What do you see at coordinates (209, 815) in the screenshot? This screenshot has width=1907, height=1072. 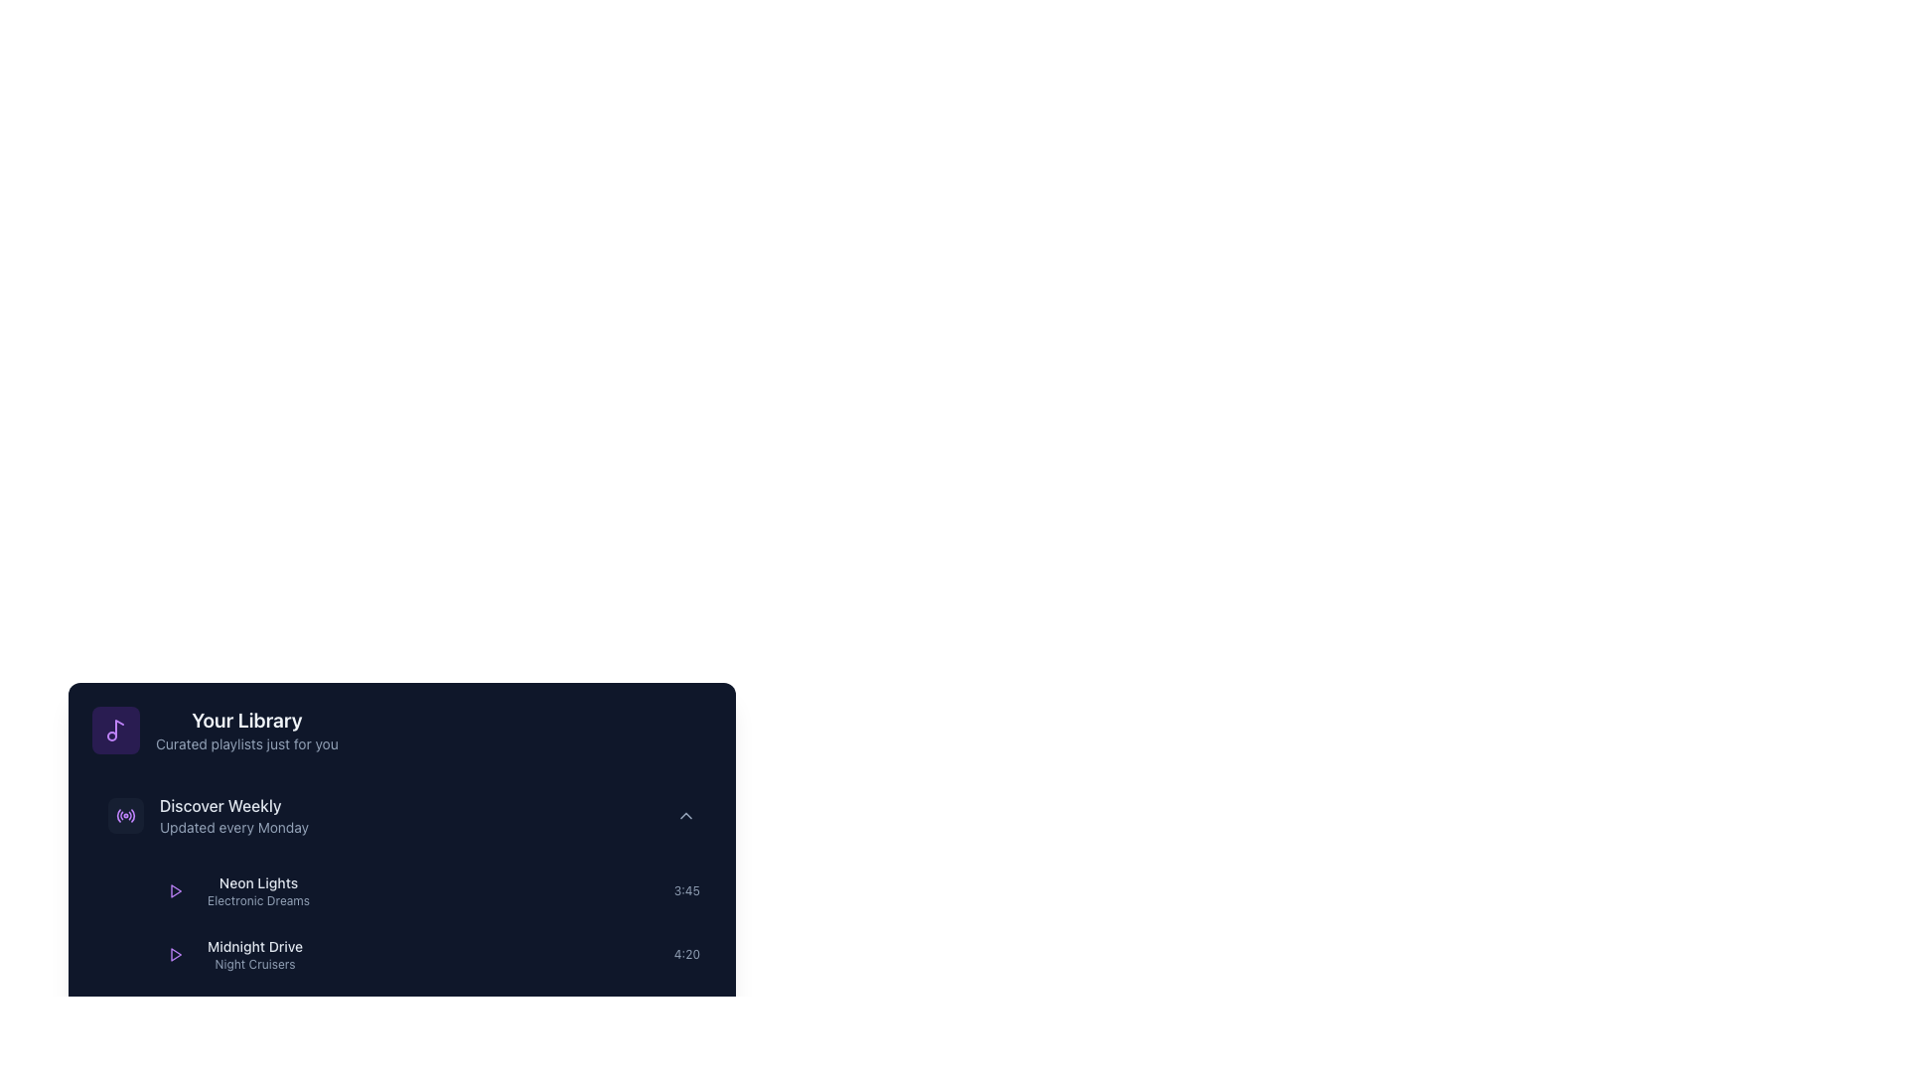 I see `the 'Discover Weekly' playlist item` at bounding box center [209, 815].